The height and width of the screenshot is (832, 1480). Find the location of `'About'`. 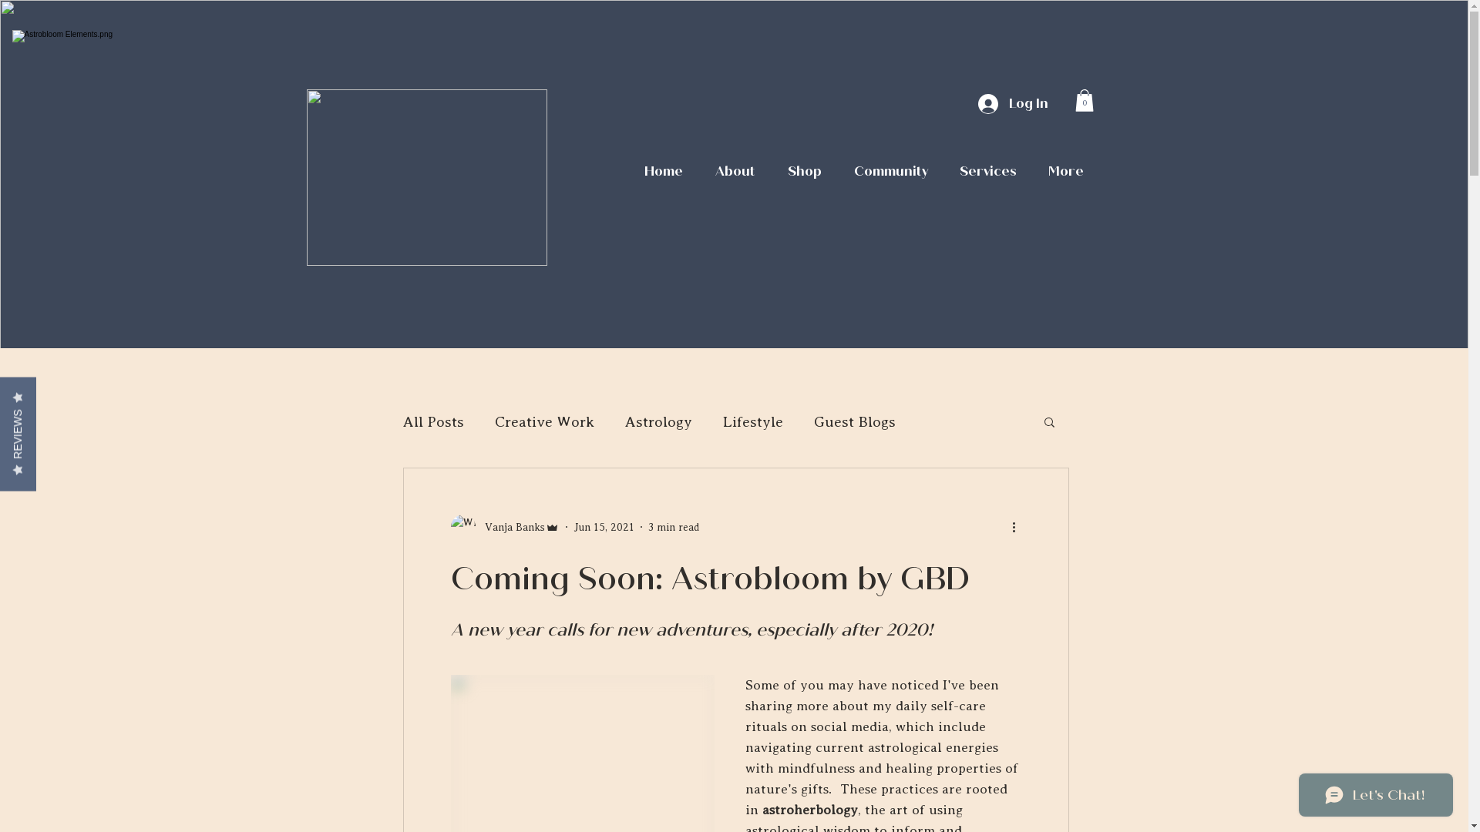

'About' is located at coordinates (698, 172).